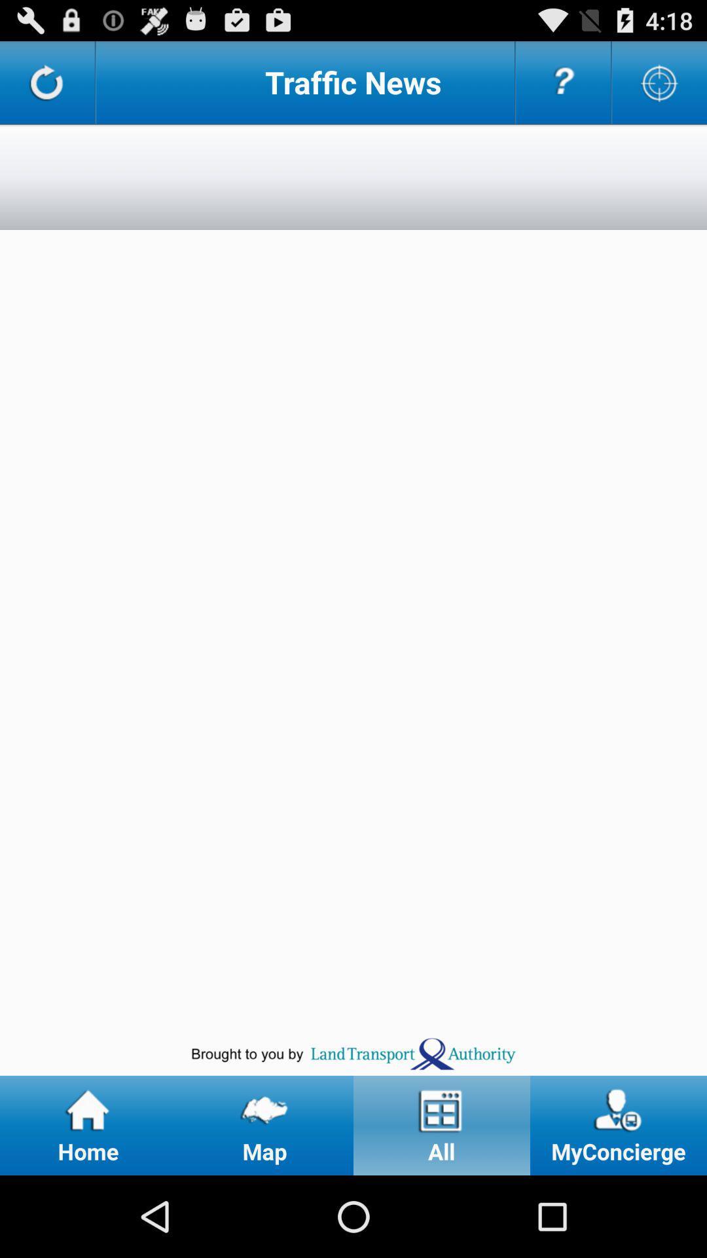  Describe the element at coordinates (46, 87) in the screenshot. I see `the refresh icon` at that location.